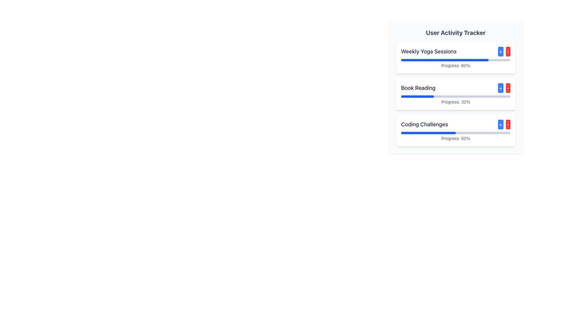 The width and height of the screenshot is (583, 328). Describe the element at coordinates (417, 96) in the screenshot. I see `the filled part of the progress bar indicating 30% progress for the 'Book Reading' task` at that location.